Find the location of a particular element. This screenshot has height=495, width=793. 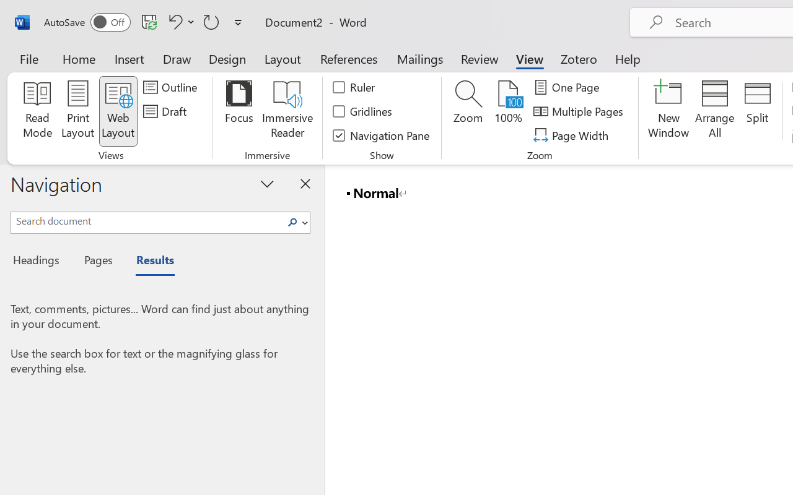

'Search document' is located at coordinates (147, 221).